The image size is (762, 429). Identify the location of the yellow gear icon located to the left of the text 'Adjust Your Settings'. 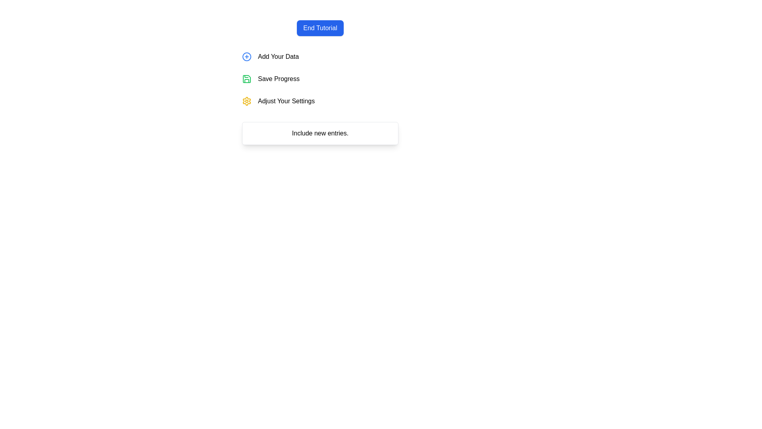
(246, 100).